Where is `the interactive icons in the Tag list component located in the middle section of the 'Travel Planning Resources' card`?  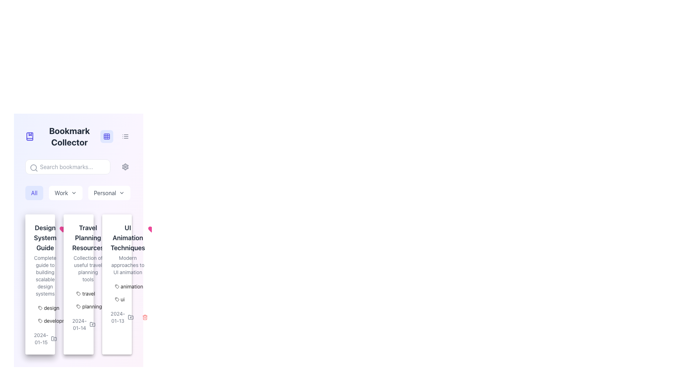 the interactive icons in the Tag list component located in the middle section of the 'Travel Planning Resources' card is located at coordinates (79, 300).